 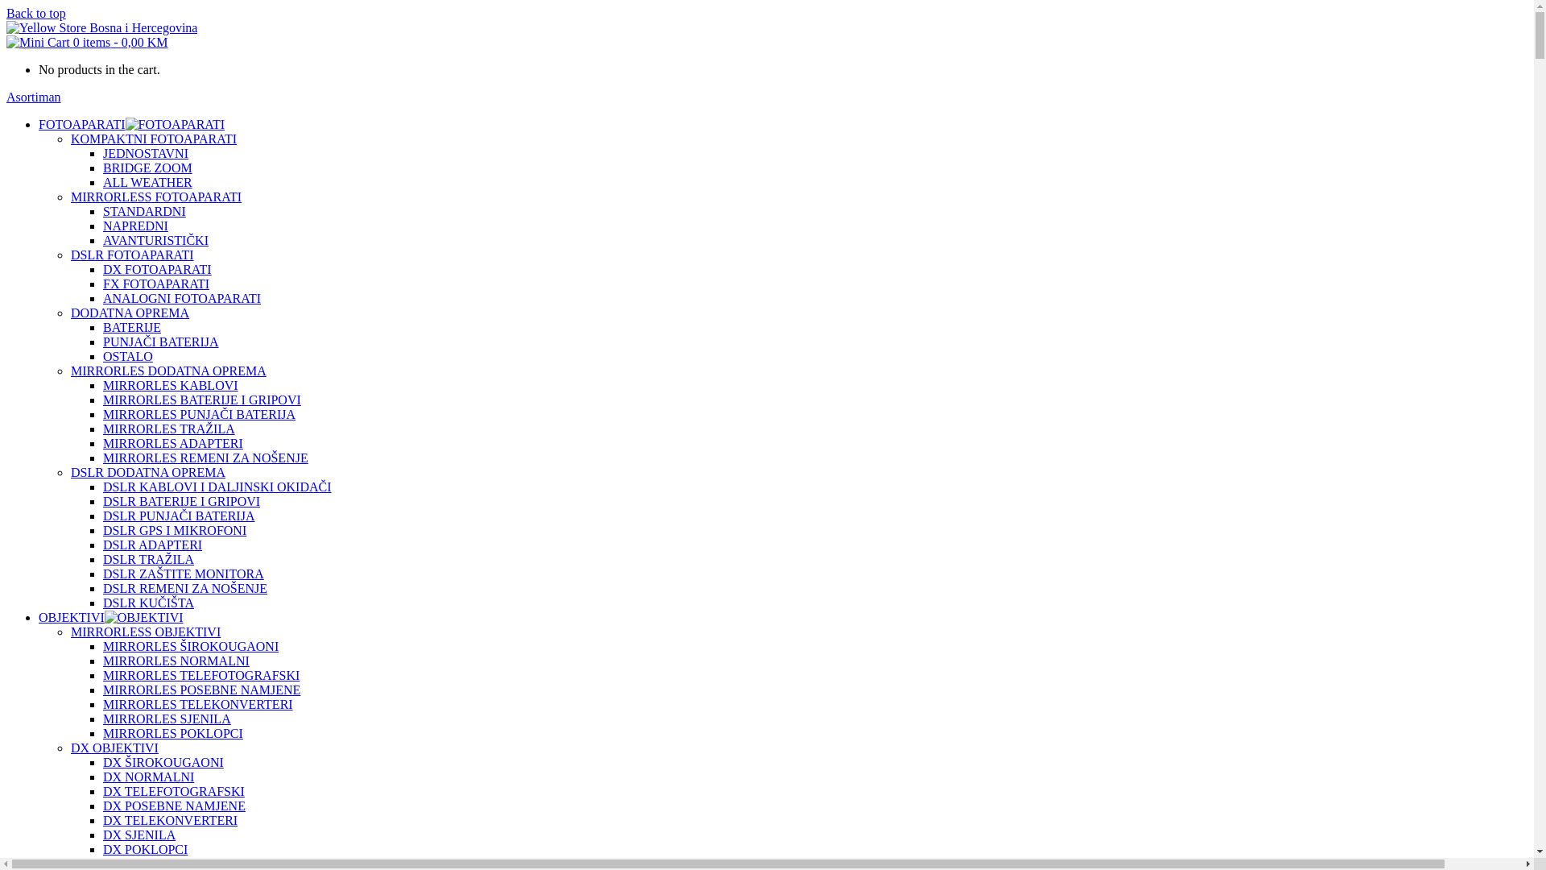 What do you see at coordinates (196, 703) in the screenshot?
I see `'MIRRORLES TELEKONVERTERI'` at bounding box center [196, 703].